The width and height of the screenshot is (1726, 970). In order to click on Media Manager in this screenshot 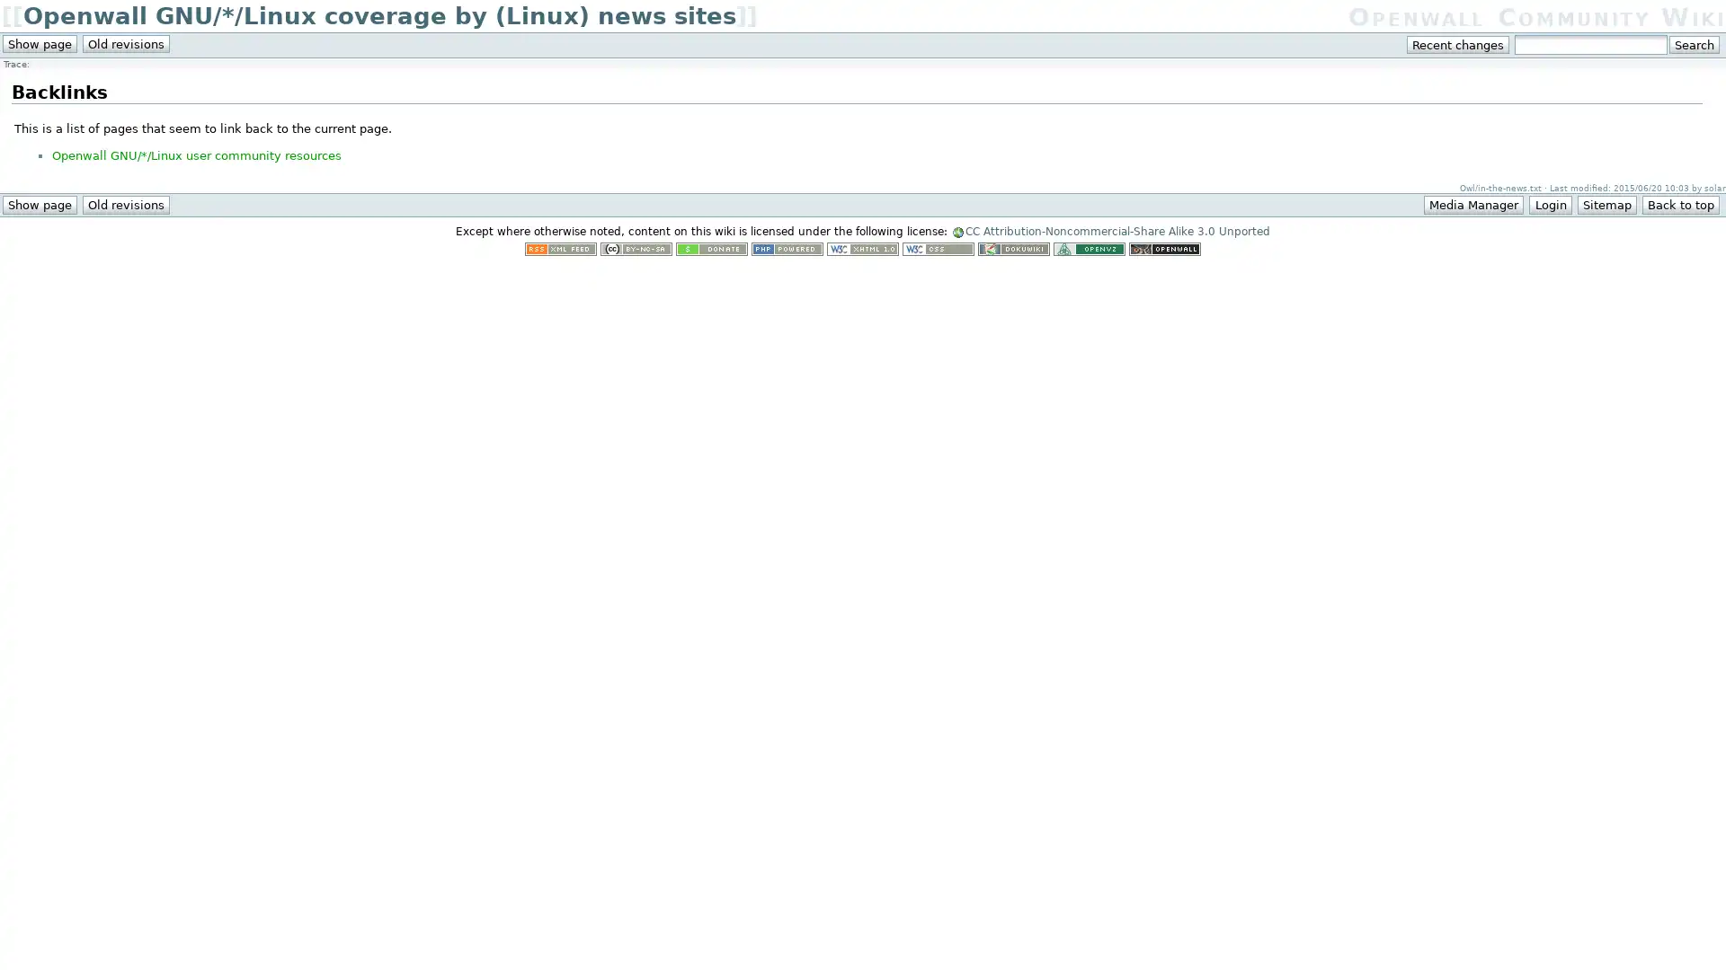, I will do `click(1473, 203)`.